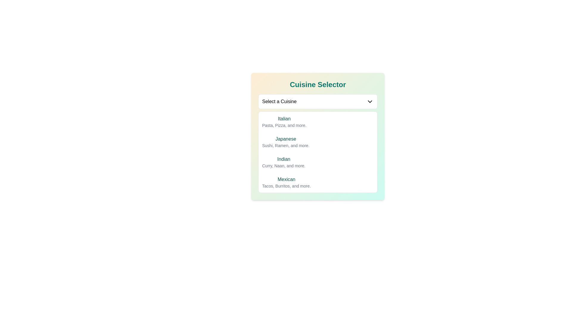  What do you see at coordinates (317, 162) in the screenshot?
I see `the 'Indian' cuisine option in the dropdown menu, which is the third item positioned between 'Japanese' and 'Mexican'` at bounding box center [317, 162].